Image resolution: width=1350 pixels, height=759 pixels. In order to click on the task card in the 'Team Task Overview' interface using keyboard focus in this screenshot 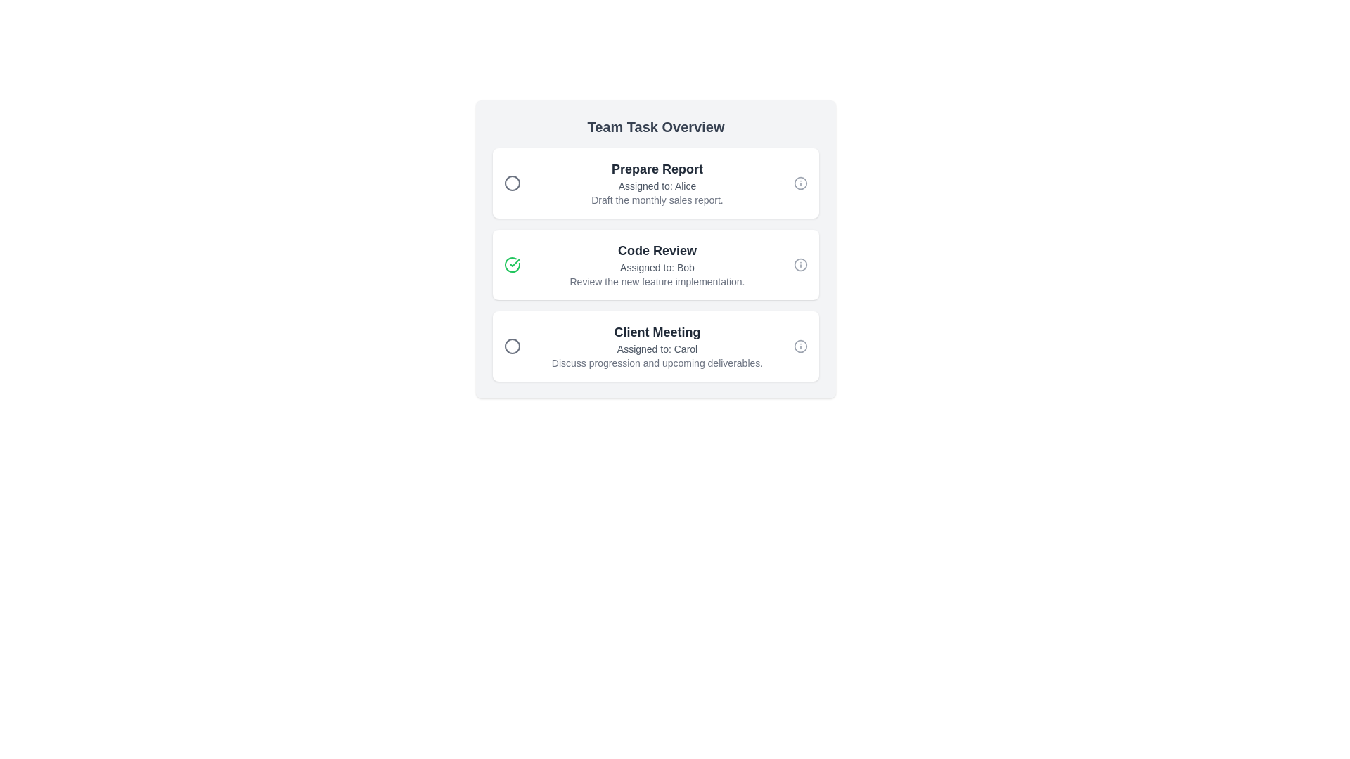, I will do `click(657, 265)`.